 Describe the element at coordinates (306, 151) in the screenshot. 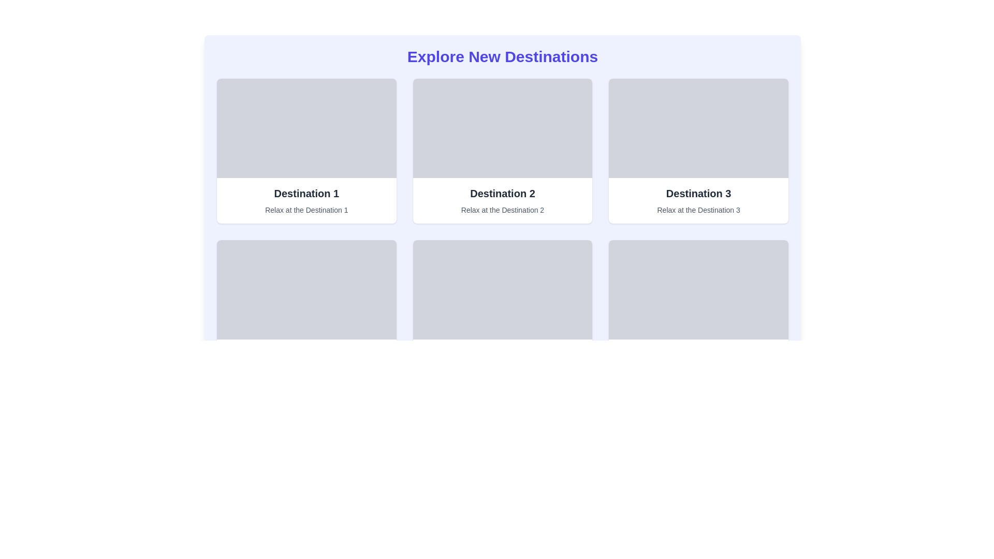

I see `the Card component representing 'Destination 1', which is the first card in the grid layout located at the top-left corner` at that location.